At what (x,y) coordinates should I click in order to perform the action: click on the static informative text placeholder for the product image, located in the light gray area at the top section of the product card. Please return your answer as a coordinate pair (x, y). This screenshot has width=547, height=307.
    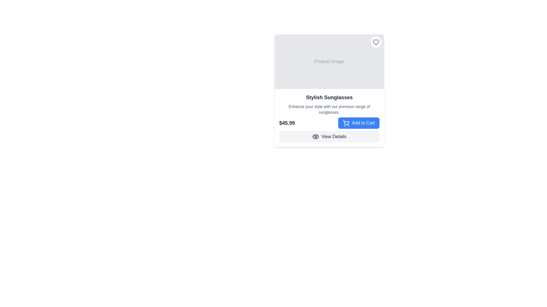
    Looking at the image, I should click on (329, 61).